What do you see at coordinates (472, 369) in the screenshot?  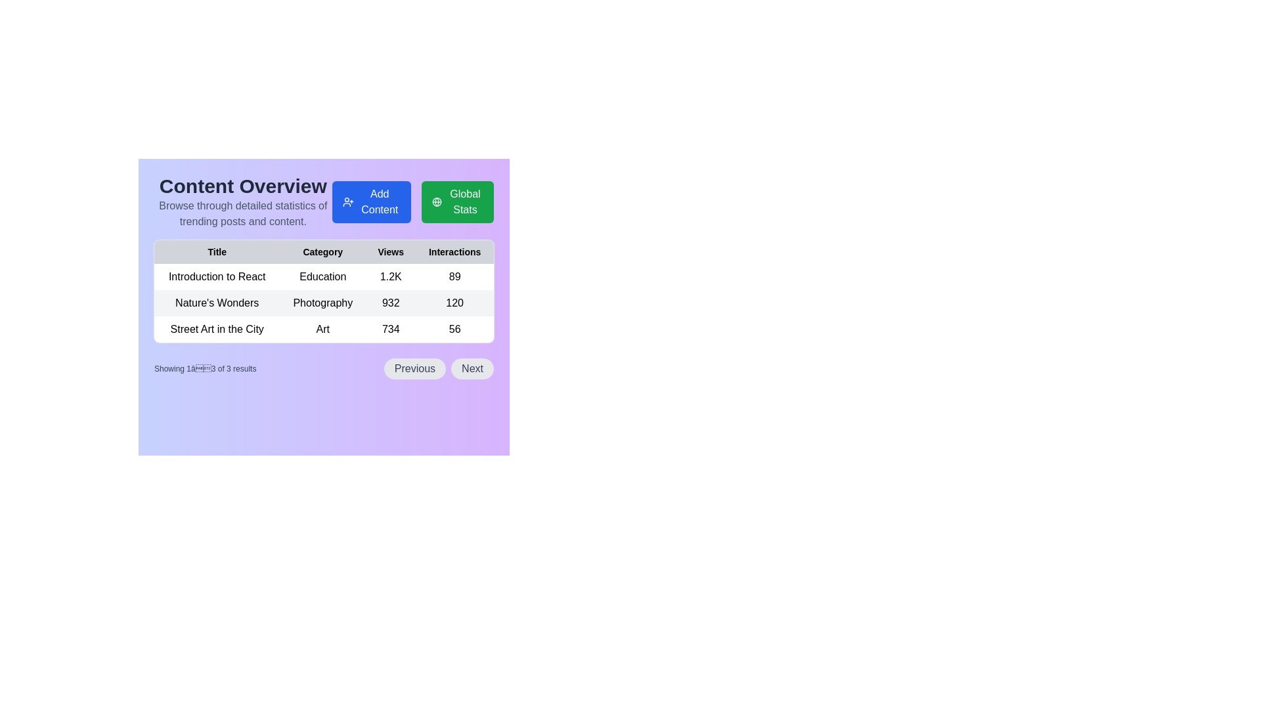 I see `the 'Next' button located in the bottom-right portion of the interface` at bounding box center [472, 369].